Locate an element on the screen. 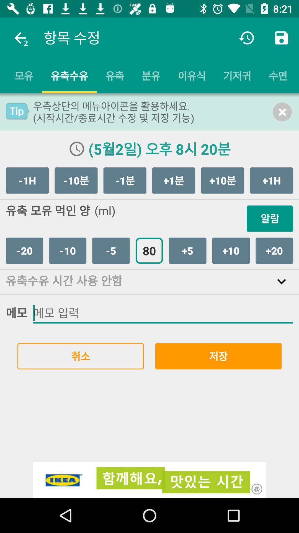 Image resolution: width=299 pixels, height=533 pixels. 1h is located at coordinates (27, 180).